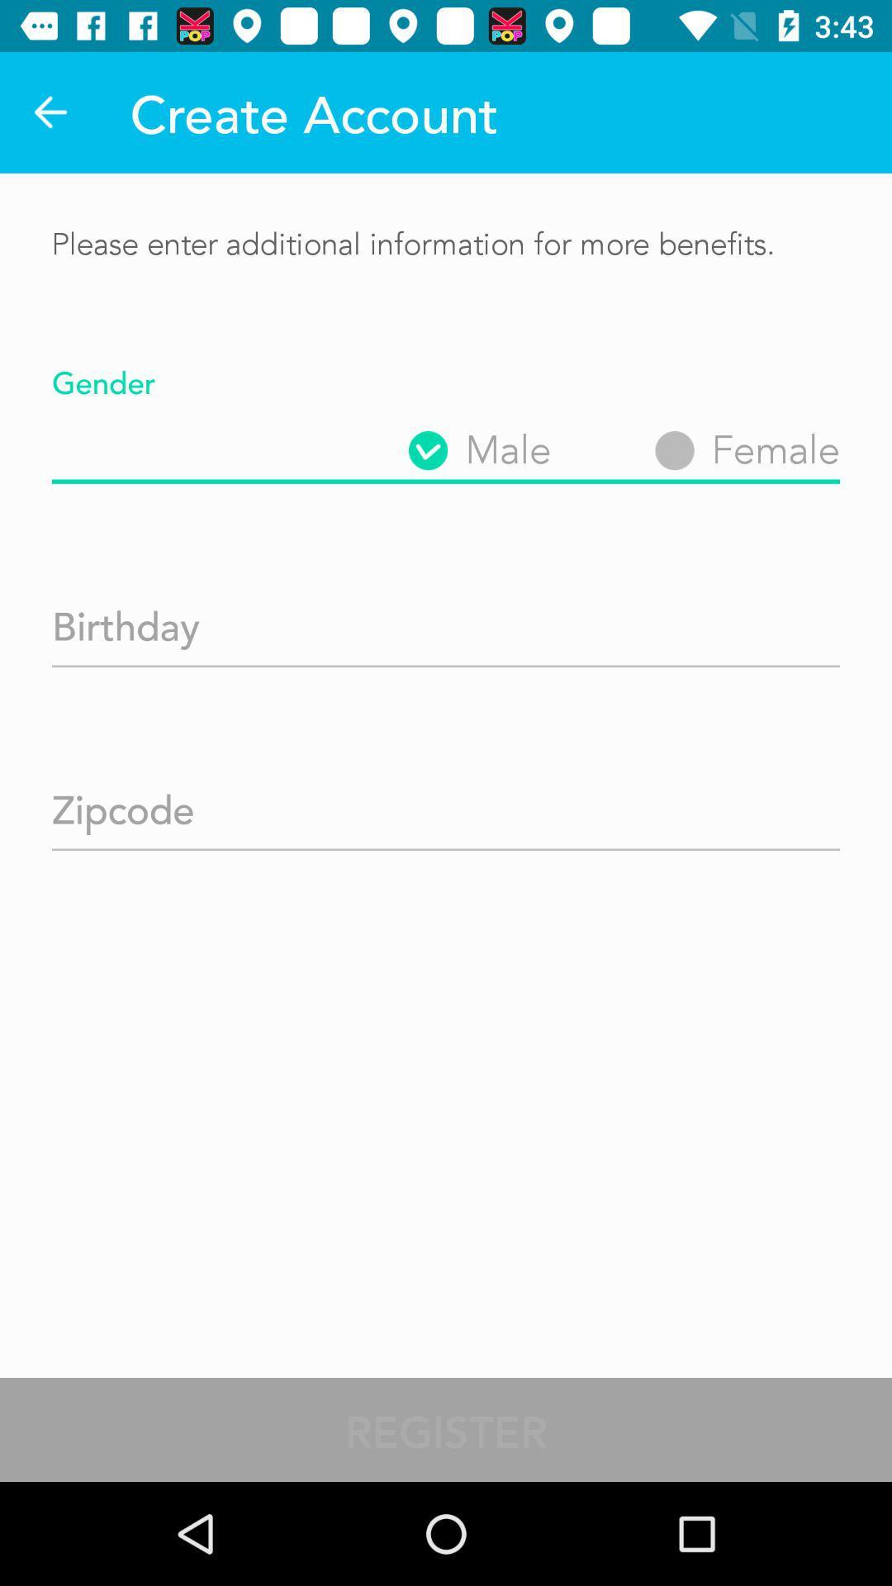 The height and width of the screenshot is (1586, 892). What do you see at coordinates (446, 620) in the screenshot?
I see `type in birtday` at bounding box center [446, 620].